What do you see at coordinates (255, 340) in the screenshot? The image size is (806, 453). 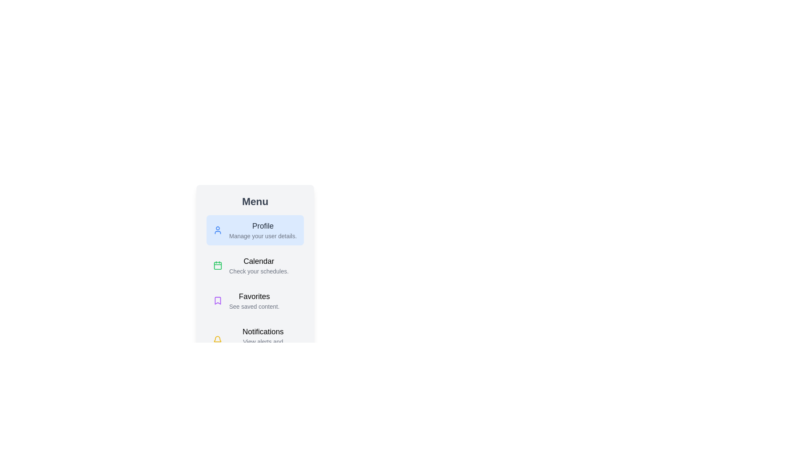 I see `the text of the menu item Notifications for copying` at bounding box center [255, 340].